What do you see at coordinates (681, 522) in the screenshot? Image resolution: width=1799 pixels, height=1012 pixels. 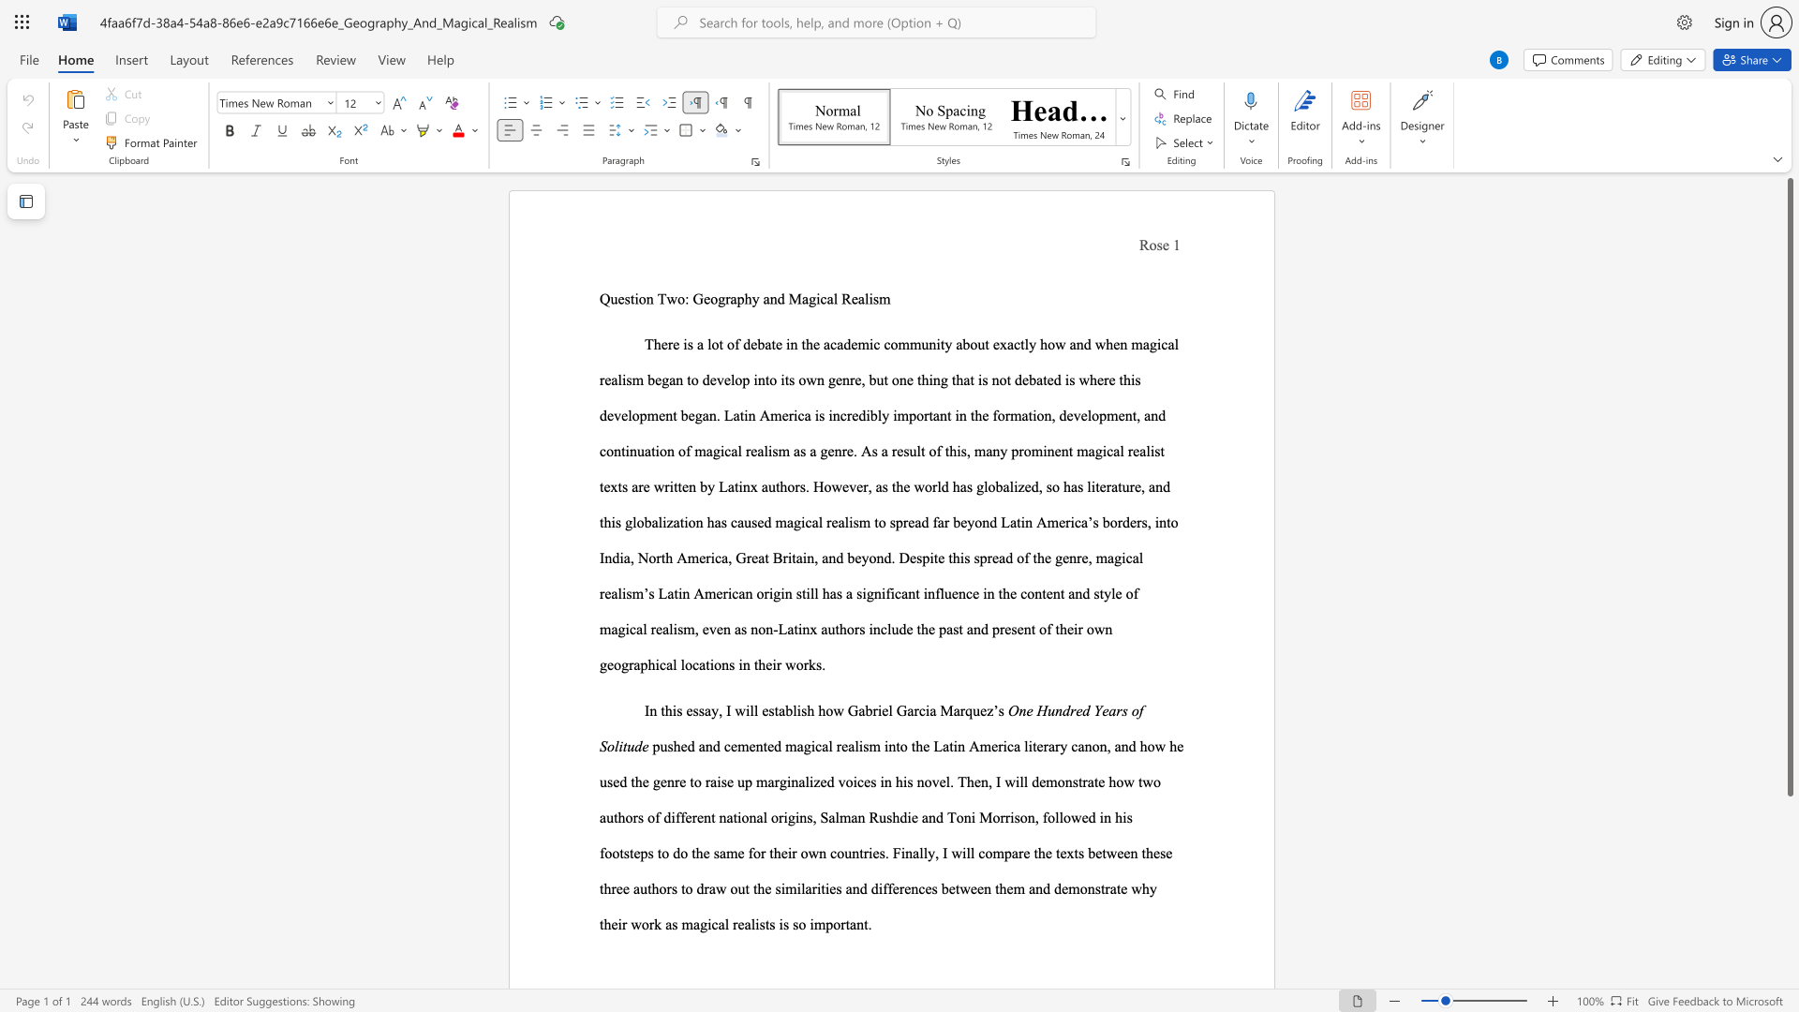 I see `the 40th character "t" in the text` at bounding box center [681, 522].